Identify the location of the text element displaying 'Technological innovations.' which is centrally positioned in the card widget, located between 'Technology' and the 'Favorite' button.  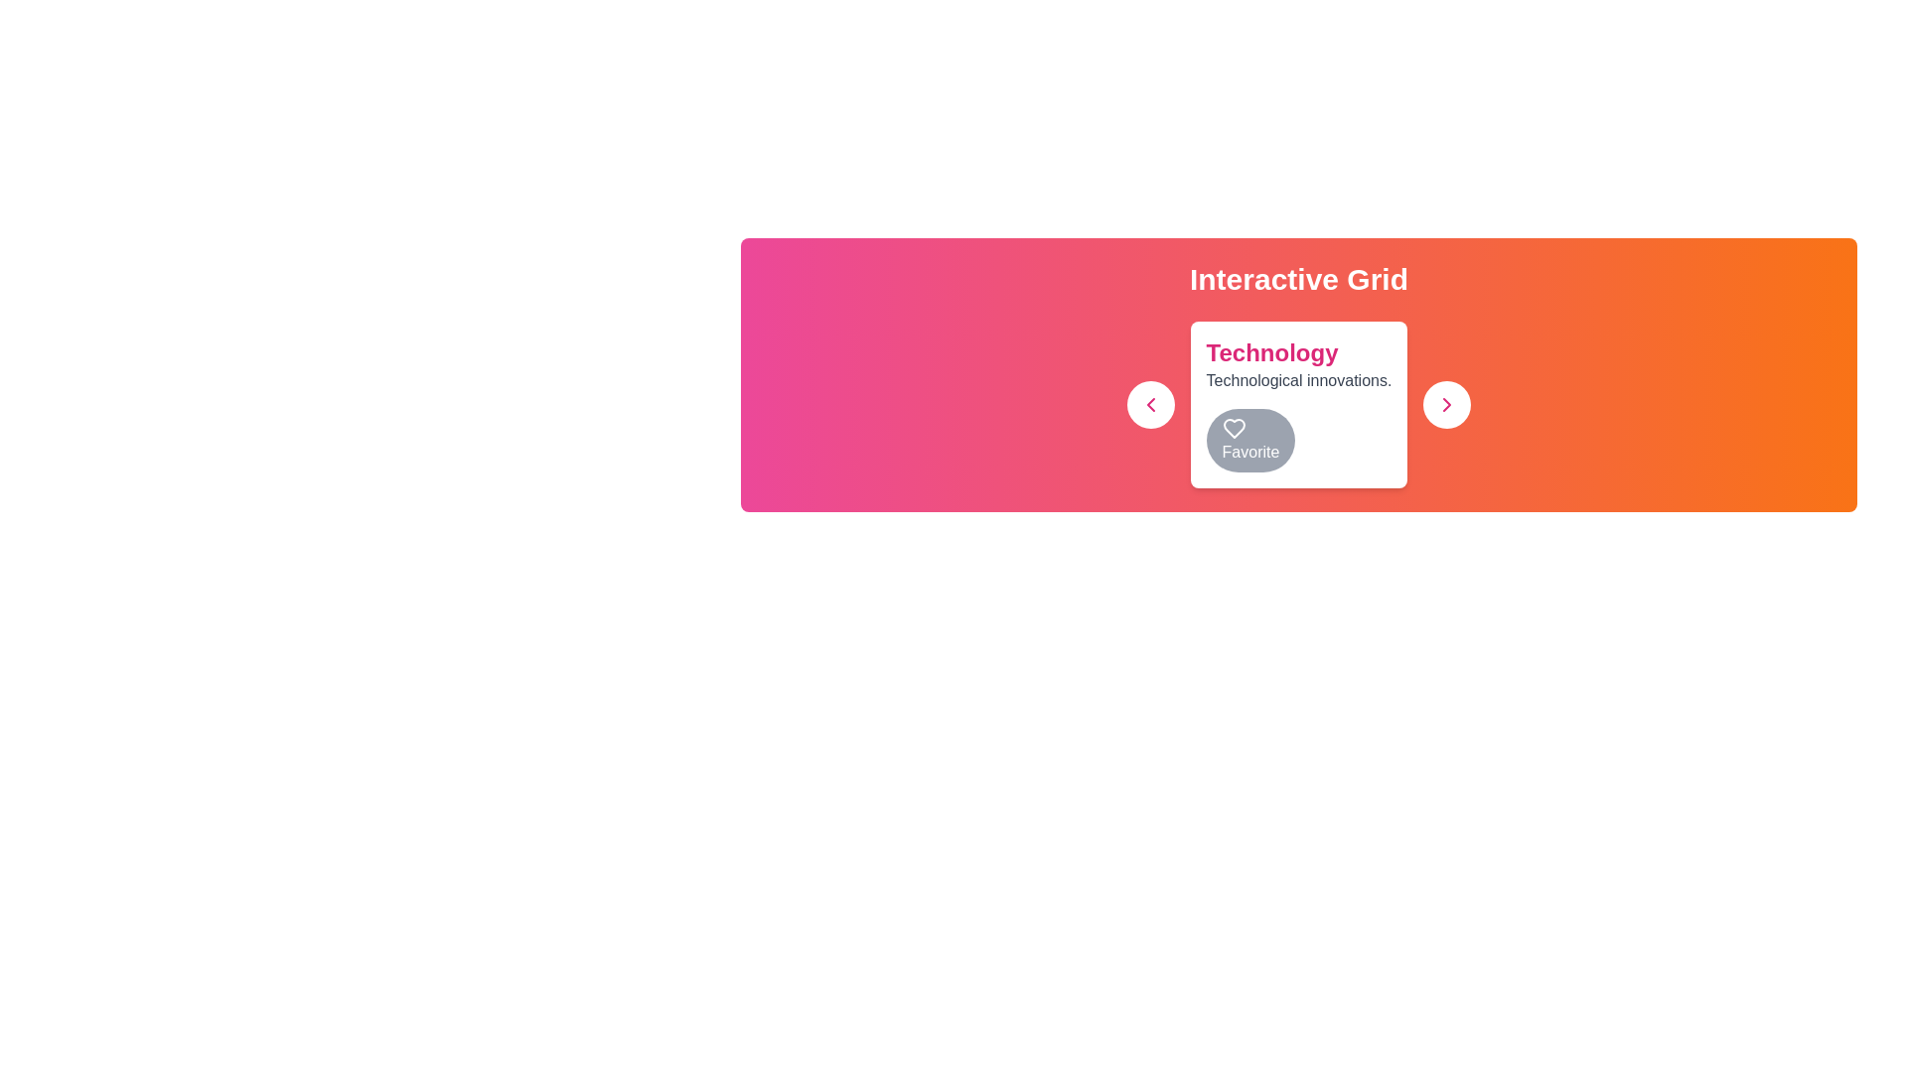
(1298, 381).